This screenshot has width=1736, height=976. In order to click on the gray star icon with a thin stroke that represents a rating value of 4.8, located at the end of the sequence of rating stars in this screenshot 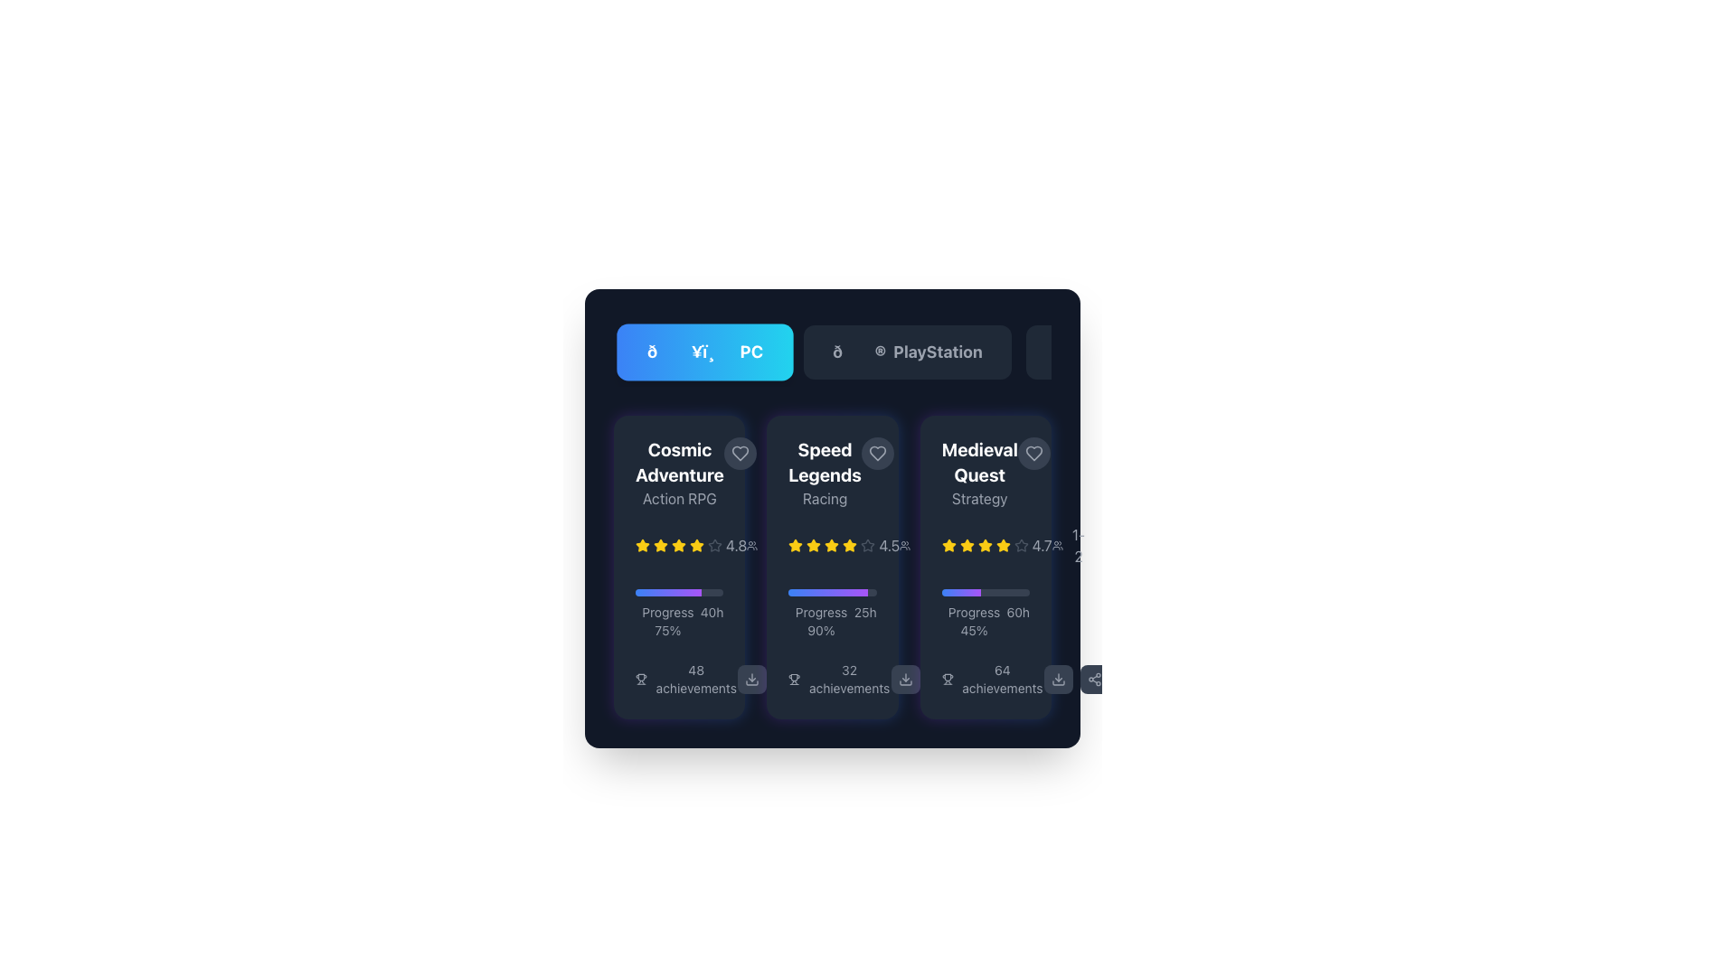, I will do `click(714, 545)`.